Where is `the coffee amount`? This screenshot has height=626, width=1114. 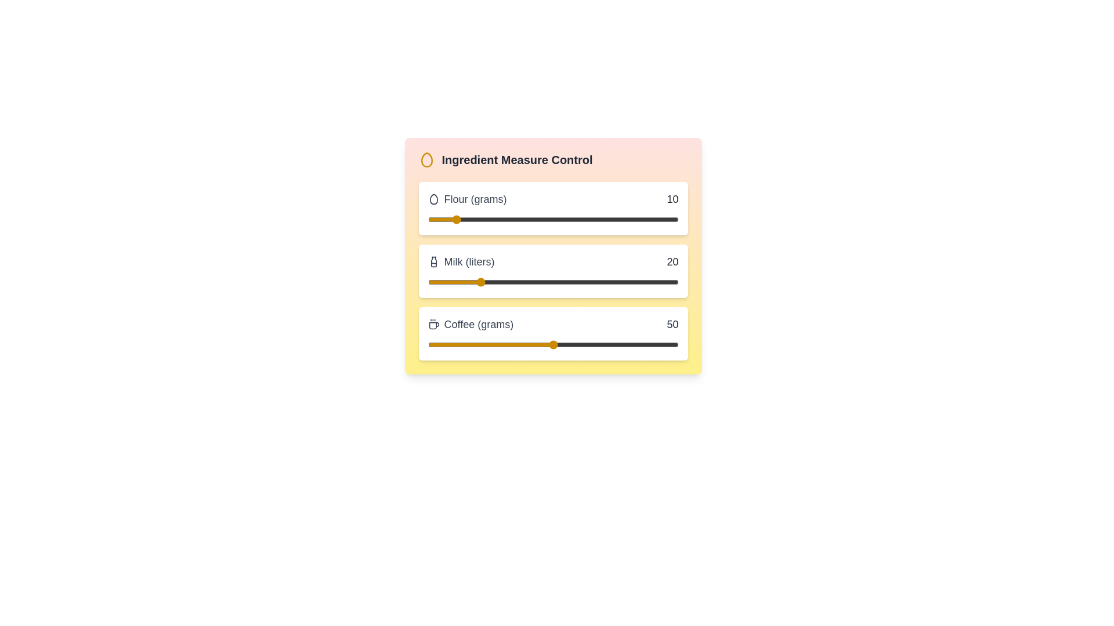
the coffee amount is located at coordinates (653, 344).